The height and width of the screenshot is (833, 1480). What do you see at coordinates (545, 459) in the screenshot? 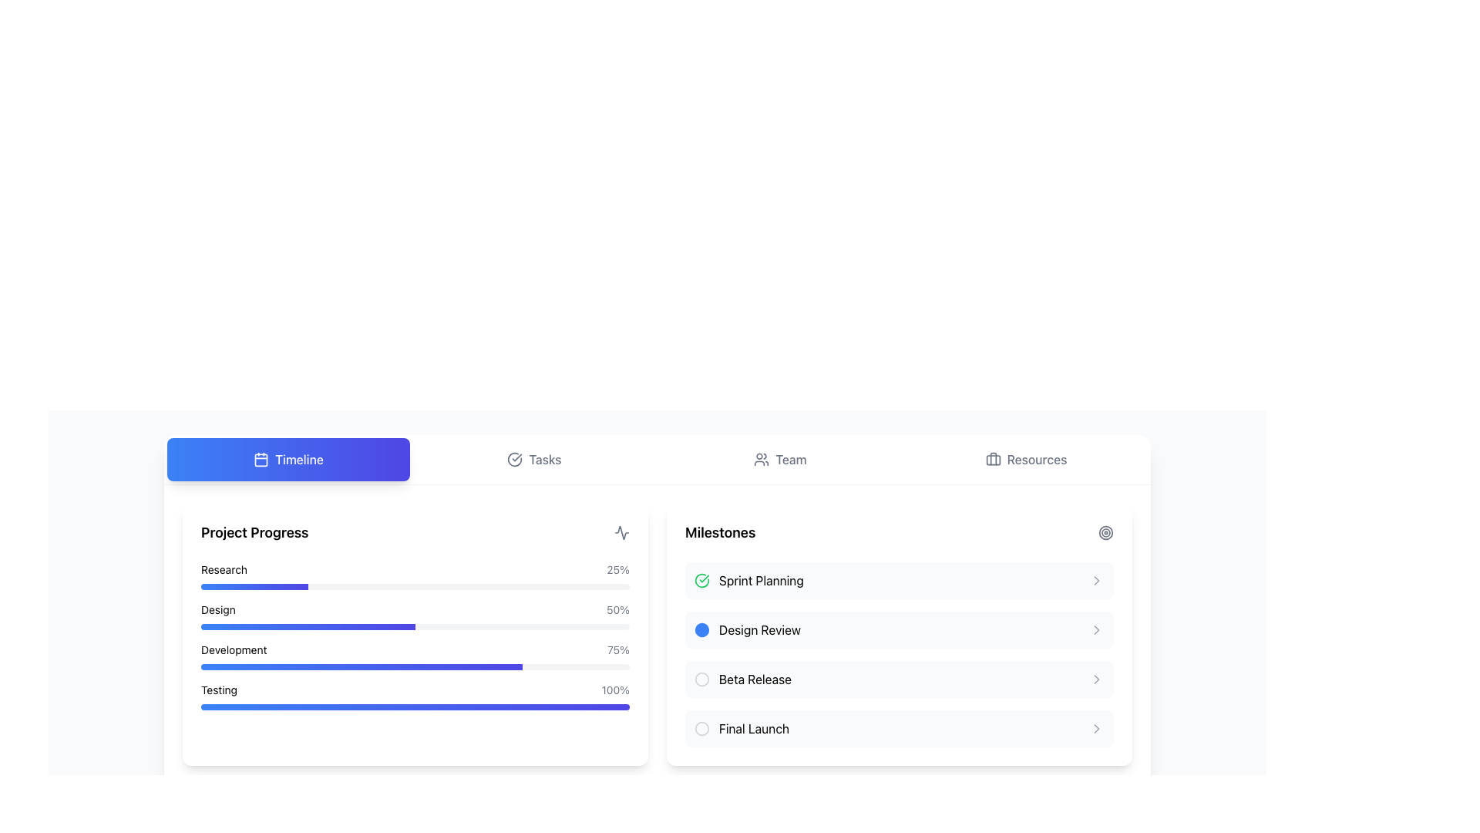
I see `the text label in the upper-central section of the navigation bar that indicates task management or lists` at bounding box center [545, 459].